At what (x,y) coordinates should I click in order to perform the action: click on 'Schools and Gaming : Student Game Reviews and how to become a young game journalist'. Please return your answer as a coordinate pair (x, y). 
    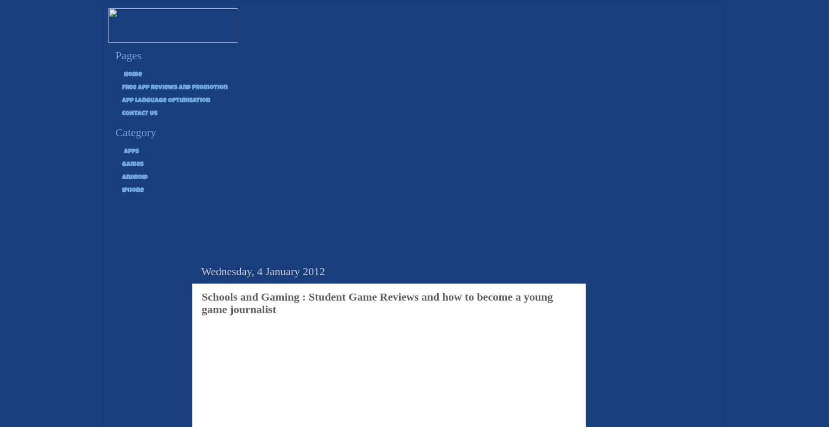
    Looking at the image, I should click on (376, 302).